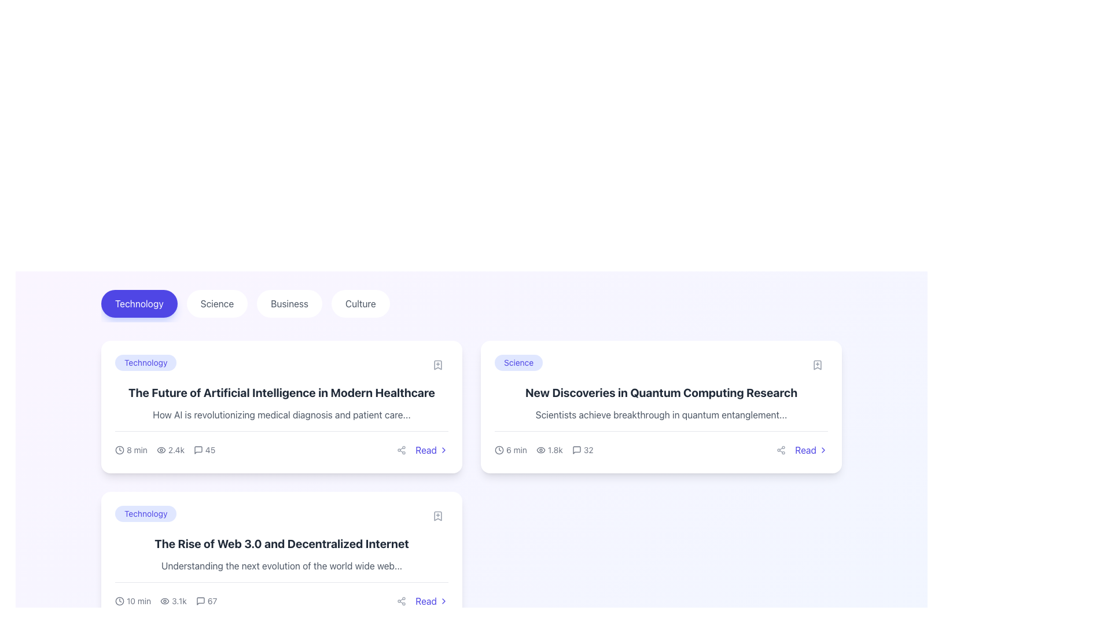 Image resolution: width=1111 pixels, height=625 pixels. What do you see at coordinates (437, 515) in the screenshot?
I see `the Bookmark Icon located in the top-right corner of the second article card titled 'The Rise of Web 3.0 and Decentralized Internet'` at bounding box center [437, 515].